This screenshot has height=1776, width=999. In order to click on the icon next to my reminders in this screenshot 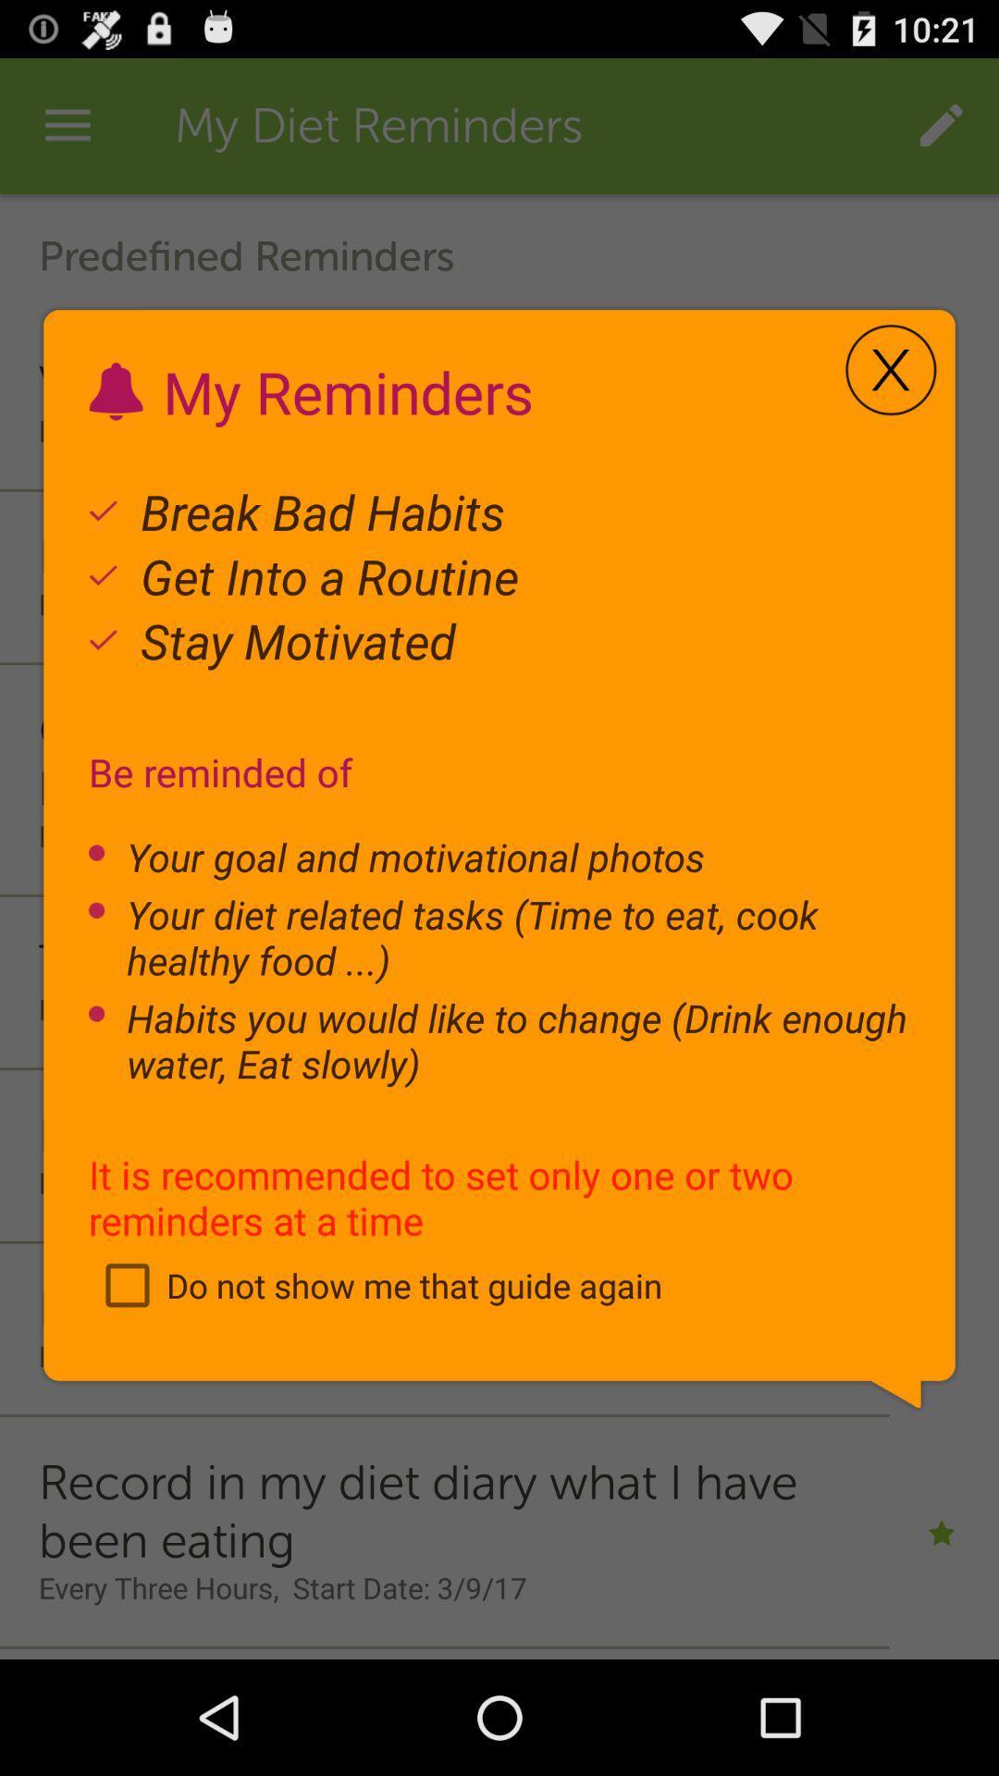, I will do `click(890, 370)`.